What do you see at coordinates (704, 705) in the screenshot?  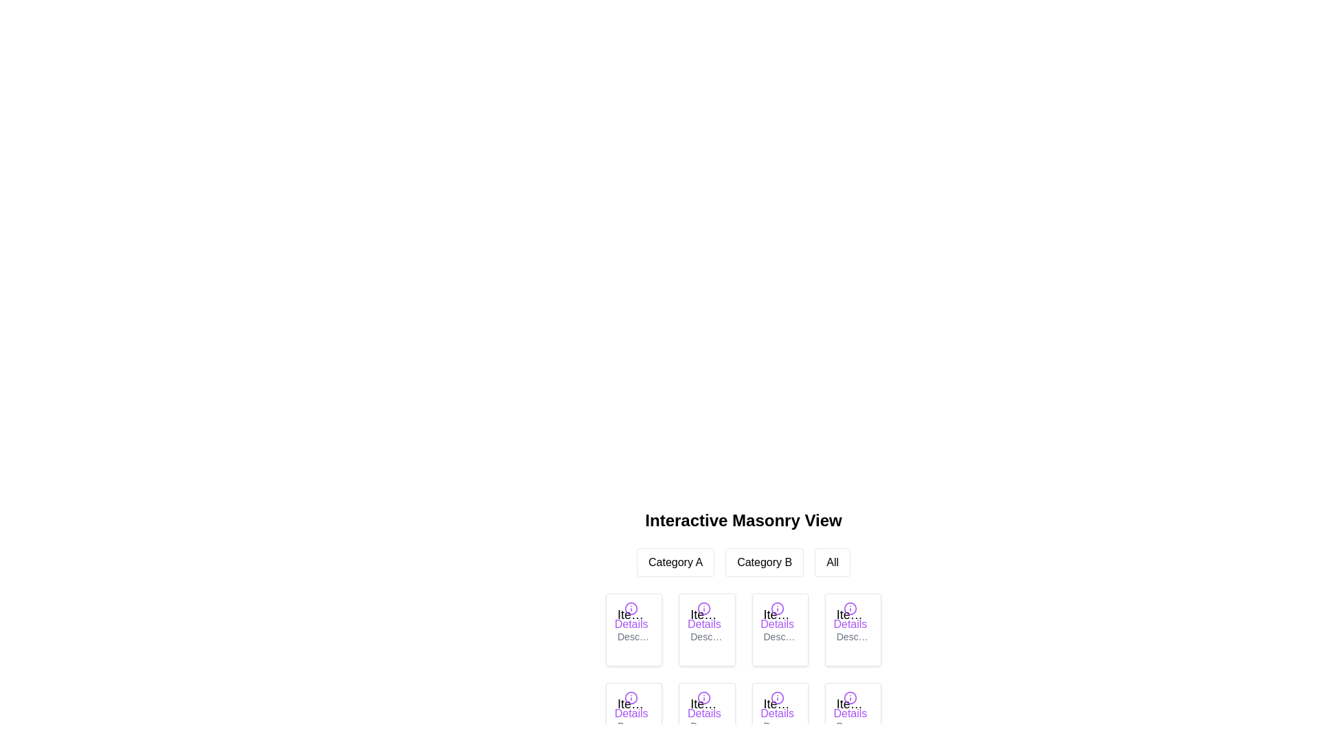 I see `the 'Details' button with an info icon on its left side, located in the top-right corner of the 'Item 6' card` at bounding box center [704, 705].